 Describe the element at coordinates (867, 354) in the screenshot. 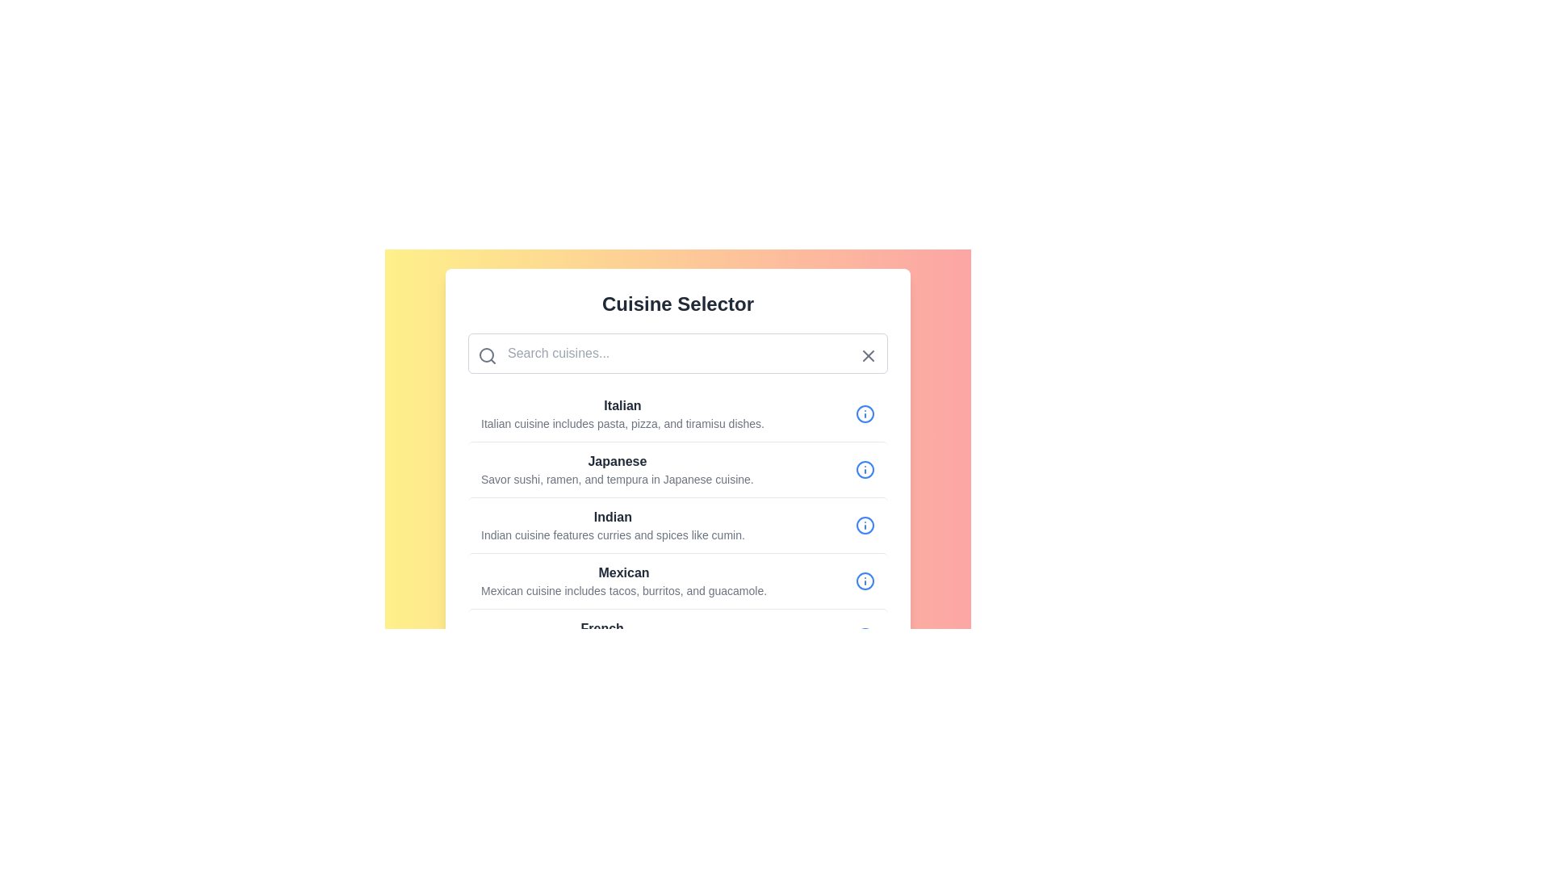

I see `the clear button located at the far right end of the search bar to clear its content` at that location.